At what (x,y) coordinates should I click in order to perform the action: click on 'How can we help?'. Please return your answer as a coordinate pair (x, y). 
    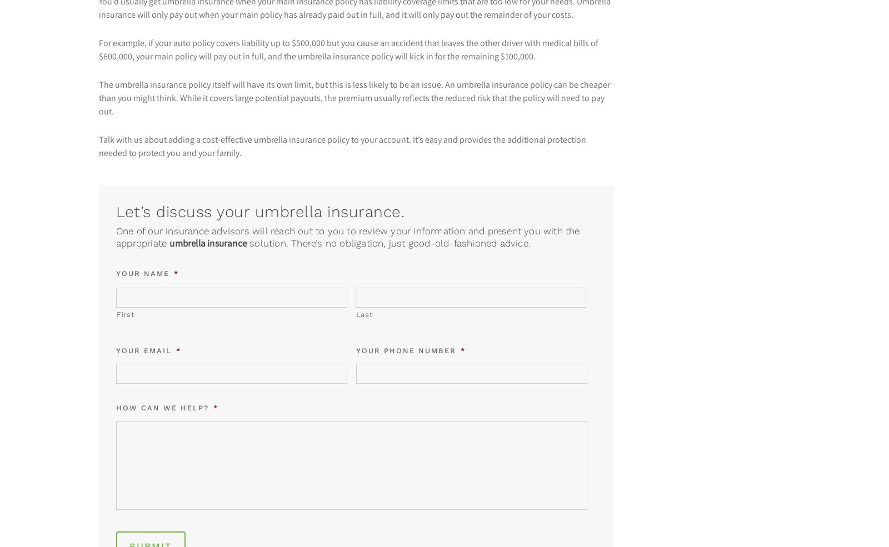
    Looking at the image, I should click on (162, 407).